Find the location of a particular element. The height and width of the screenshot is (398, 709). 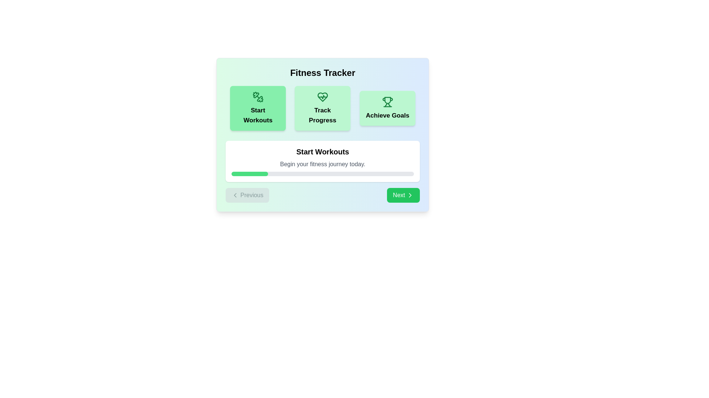

the trophy-shaped icon, which is colored green and symbolizes achievements, located above the text 'Achieve Goals' is located at coordinates (387, 102).